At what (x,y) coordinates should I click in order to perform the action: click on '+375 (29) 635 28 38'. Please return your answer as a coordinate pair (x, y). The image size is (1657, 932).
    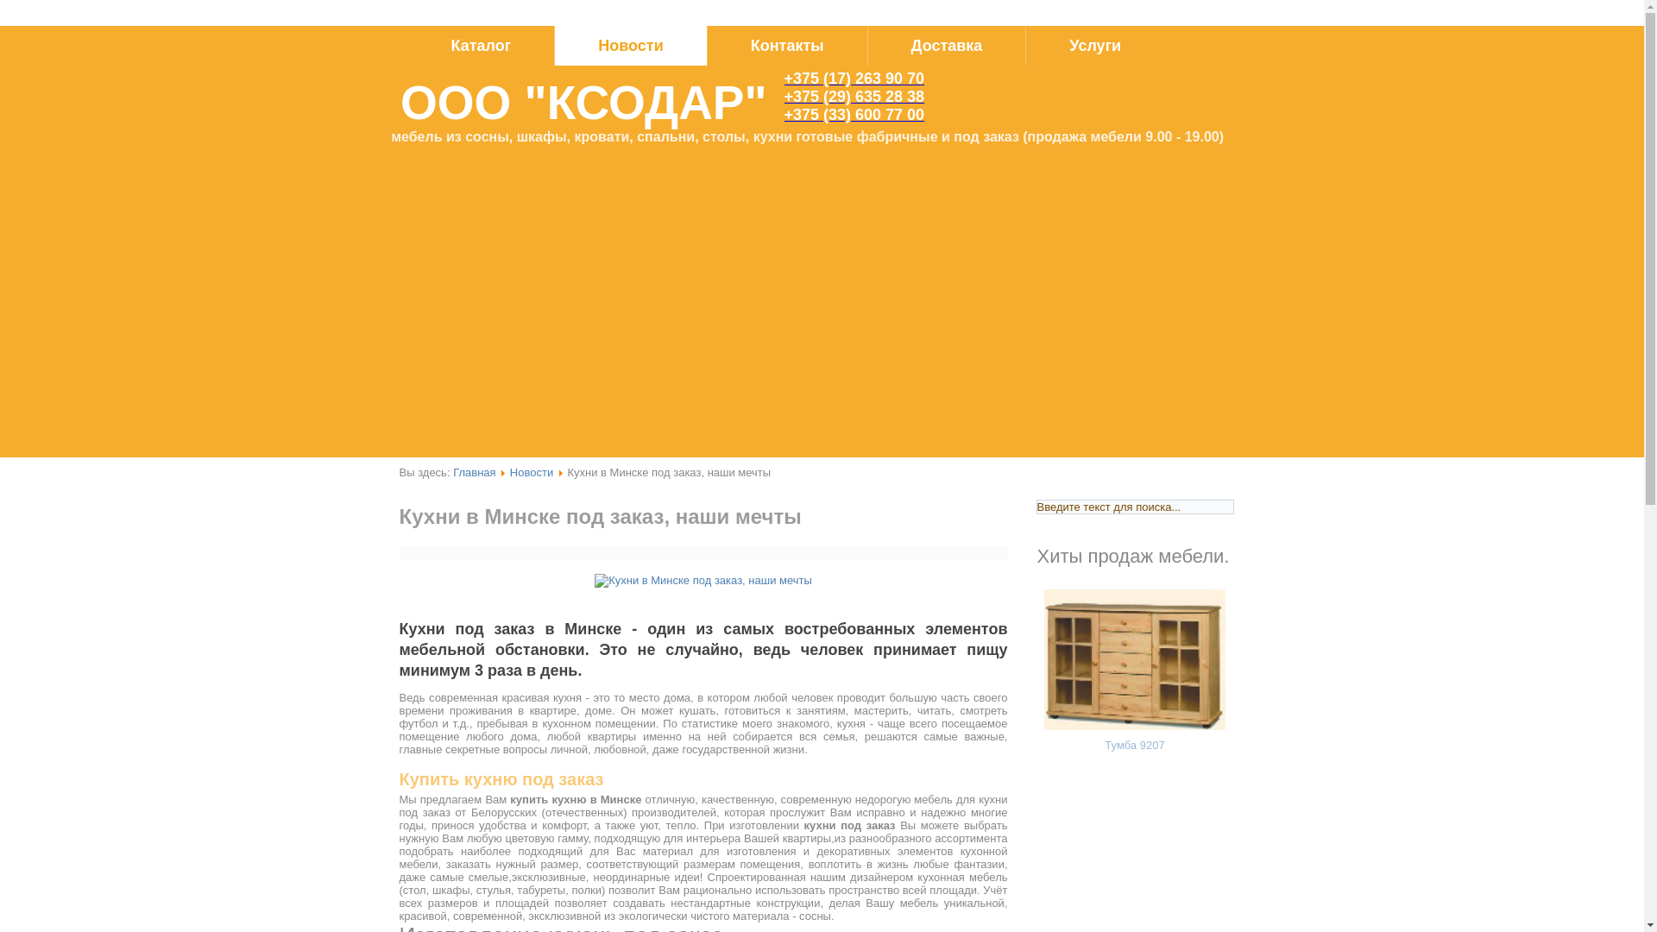
    Looking at the image, I should click on (854, 96).